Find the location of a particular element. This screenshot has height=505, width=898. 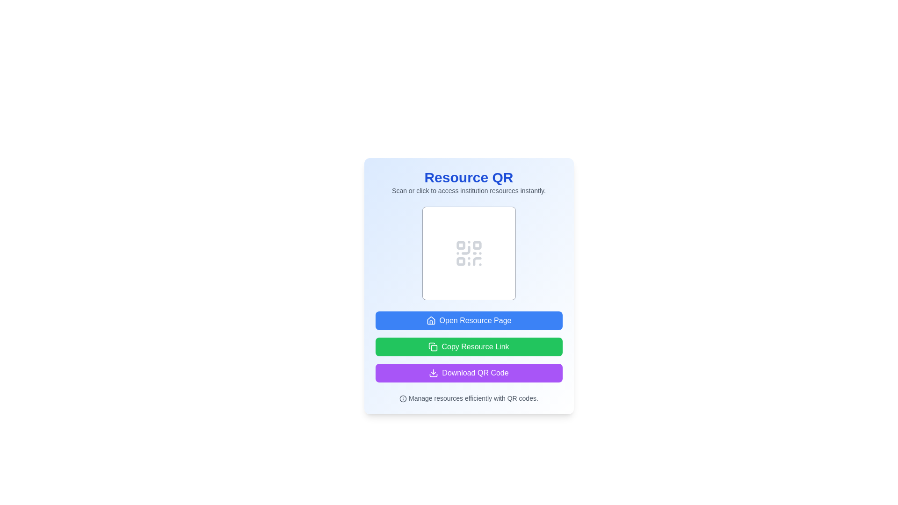

the small rectangular icon with rounded corners, which is part of the copy-symbol icon, centered inside a larger circular button located beneath the 'Copy Resource Link' green button is located at coordinates (434, 348).